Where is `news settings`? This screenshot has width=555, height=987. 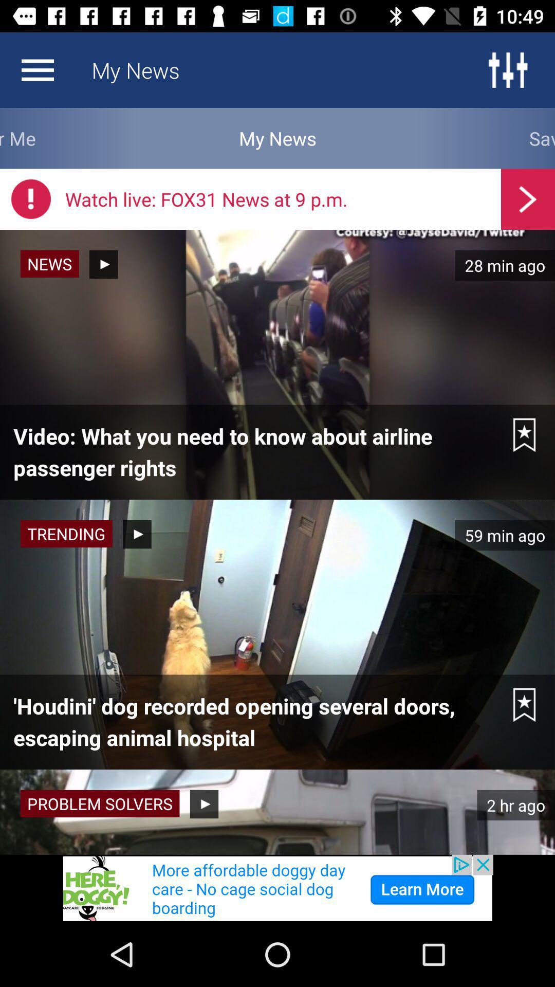 news settings is located at coordinates (37, 69).